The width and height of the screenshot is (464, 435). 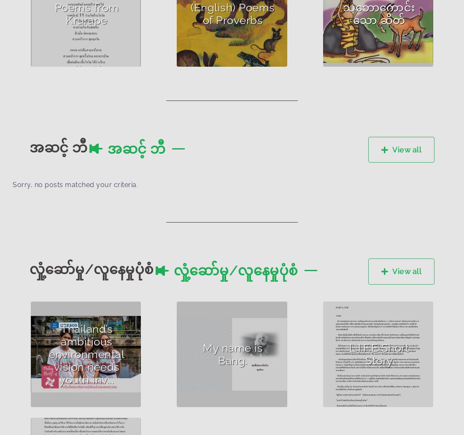 What do you see at coordinates (367, 327) in the screenshot?
I see `'Author :เด็กชายวันพุธ'` at bounding box center [367, 327].